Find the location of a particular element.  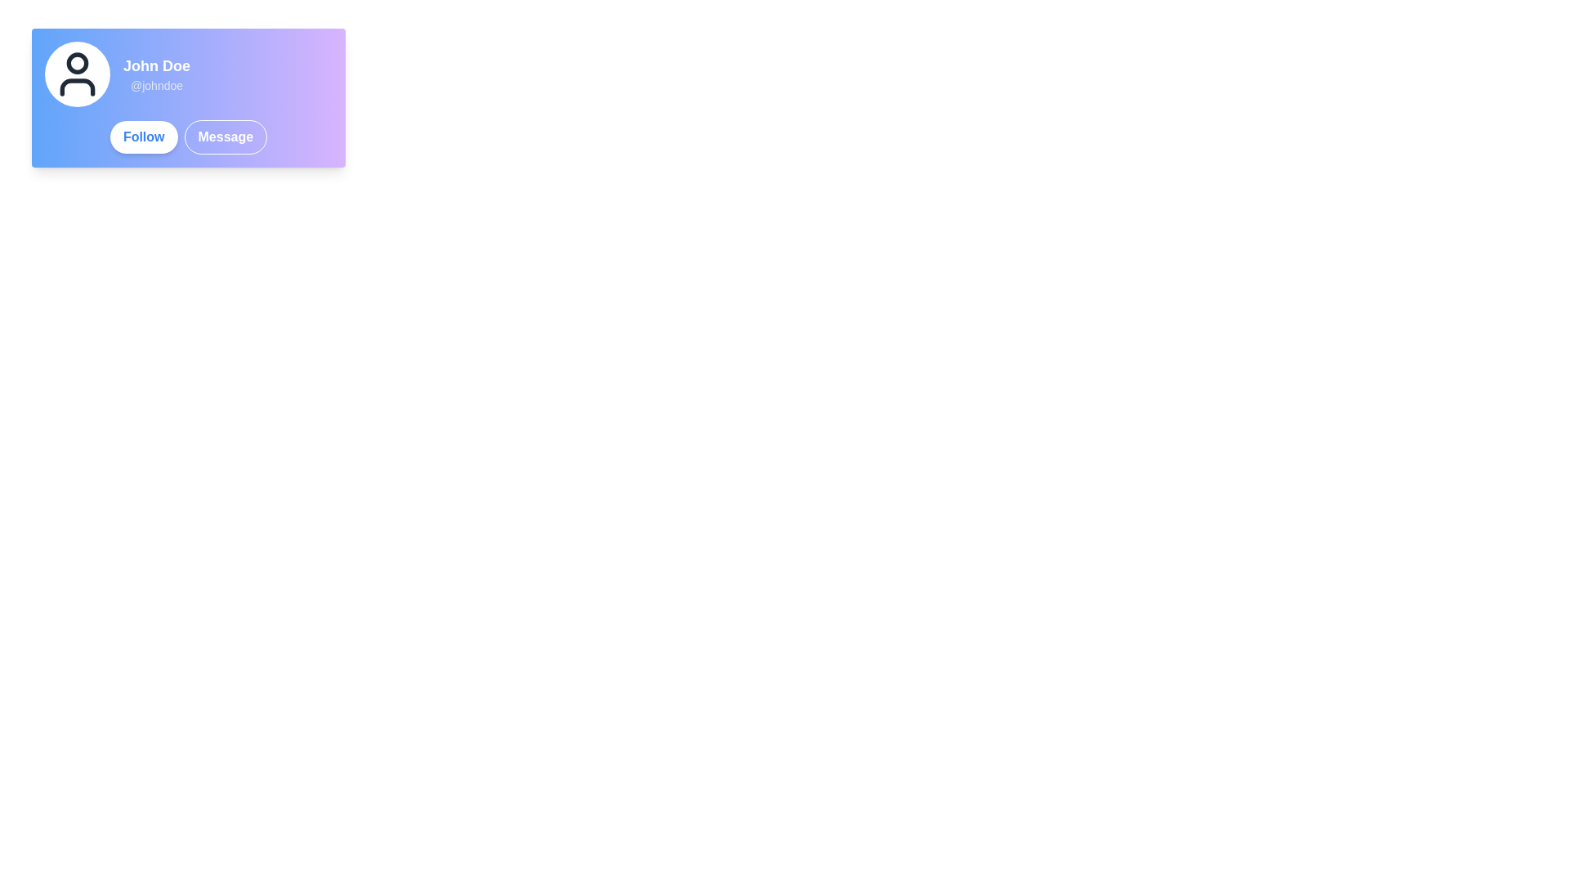

the user profile silhouette icon, which is black and located at the top-left corner of the card layout, to the left of the name 'John Doe' is located at coordinates (77, 74).